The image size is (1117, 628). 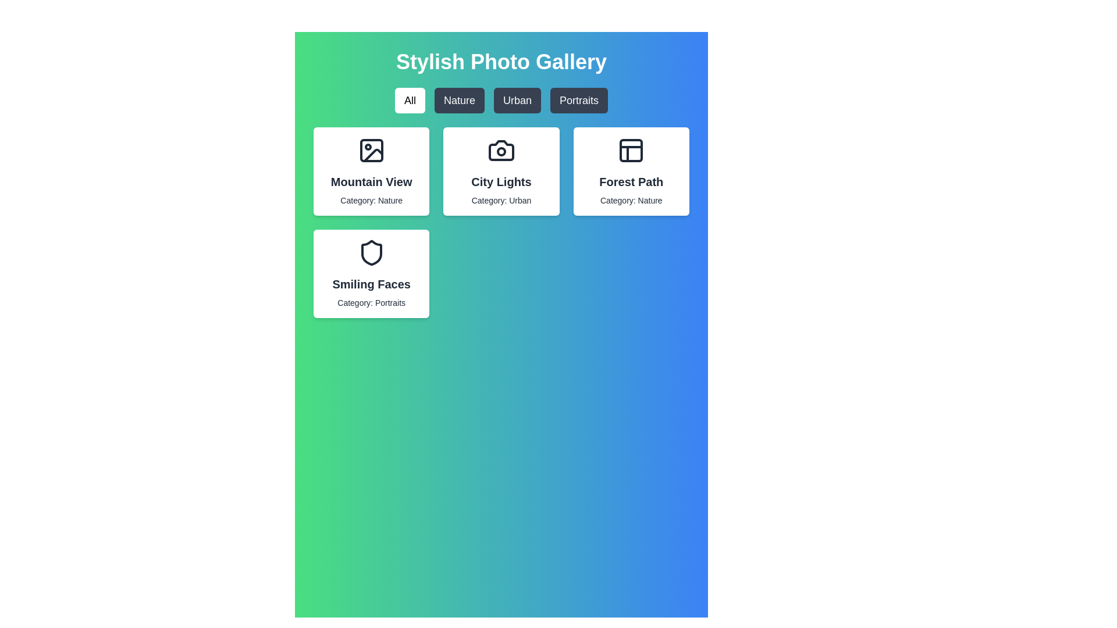 I want to click on the 'Mountain View' card component located in the top-left corner of the grid, so click(x=371, y=171).